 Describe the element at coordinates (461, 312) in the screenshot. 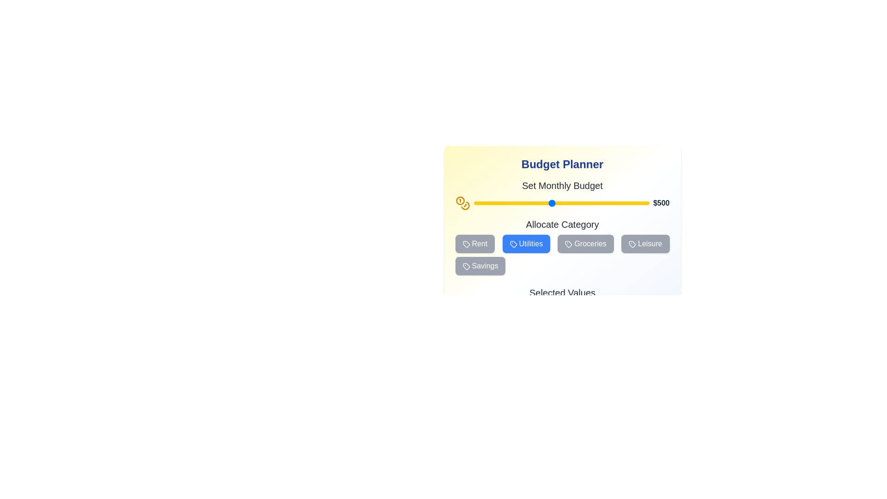

I see `the decorative icon associated with the budget amount located to the left of the text 'Budget: $500' in the top-right corner of the budget settings section` at that location.